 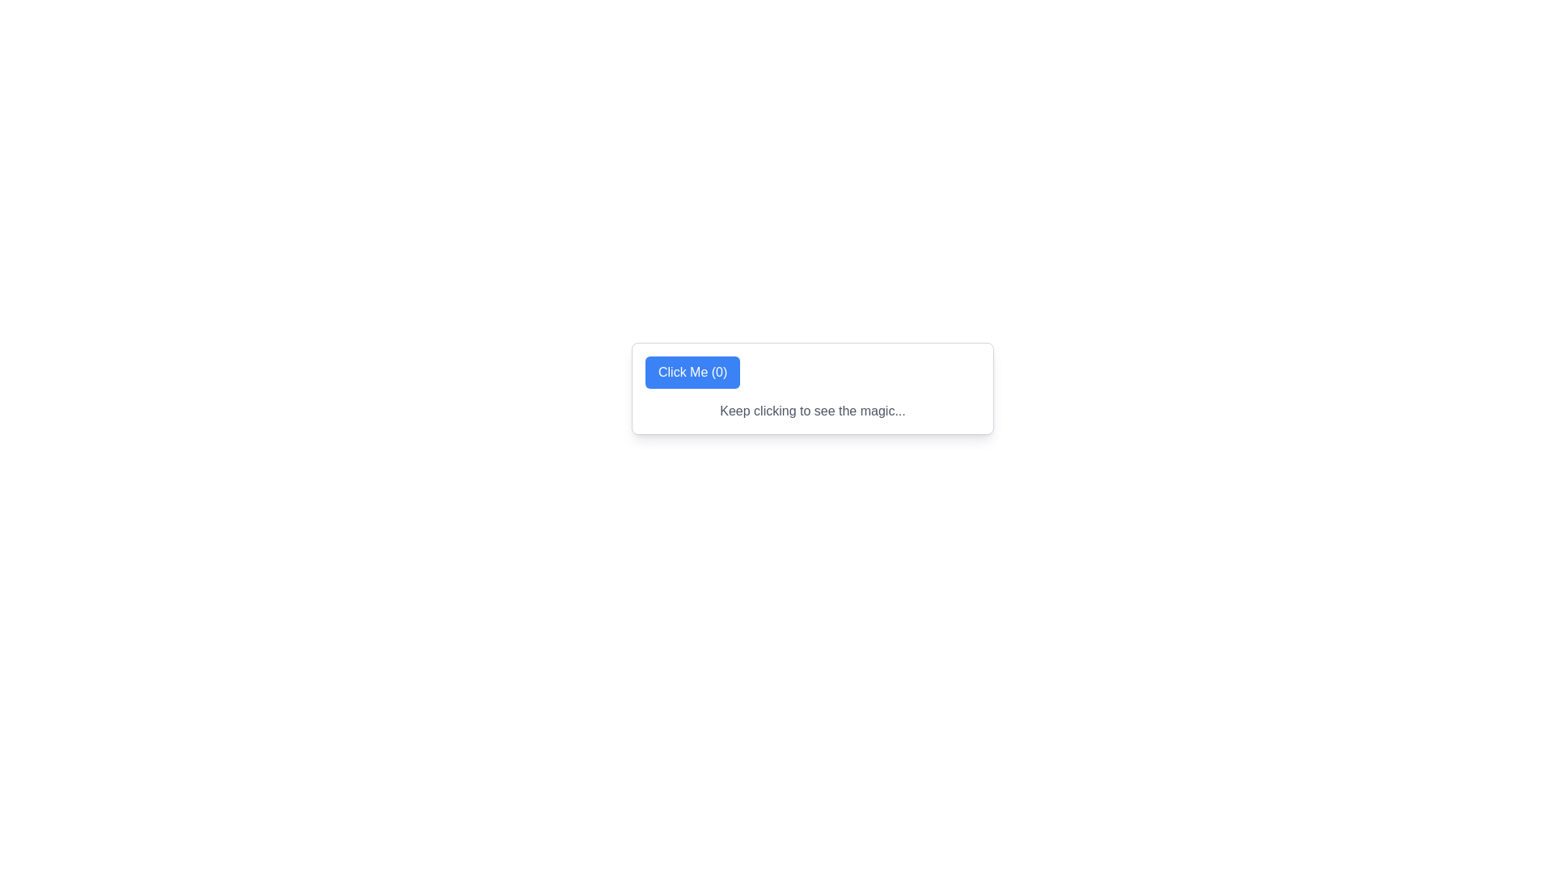 I want to click on the rectangular button with rounded corners that has a blue background and white text displaying 'Click Me (0)', so click(x=692, y=373).